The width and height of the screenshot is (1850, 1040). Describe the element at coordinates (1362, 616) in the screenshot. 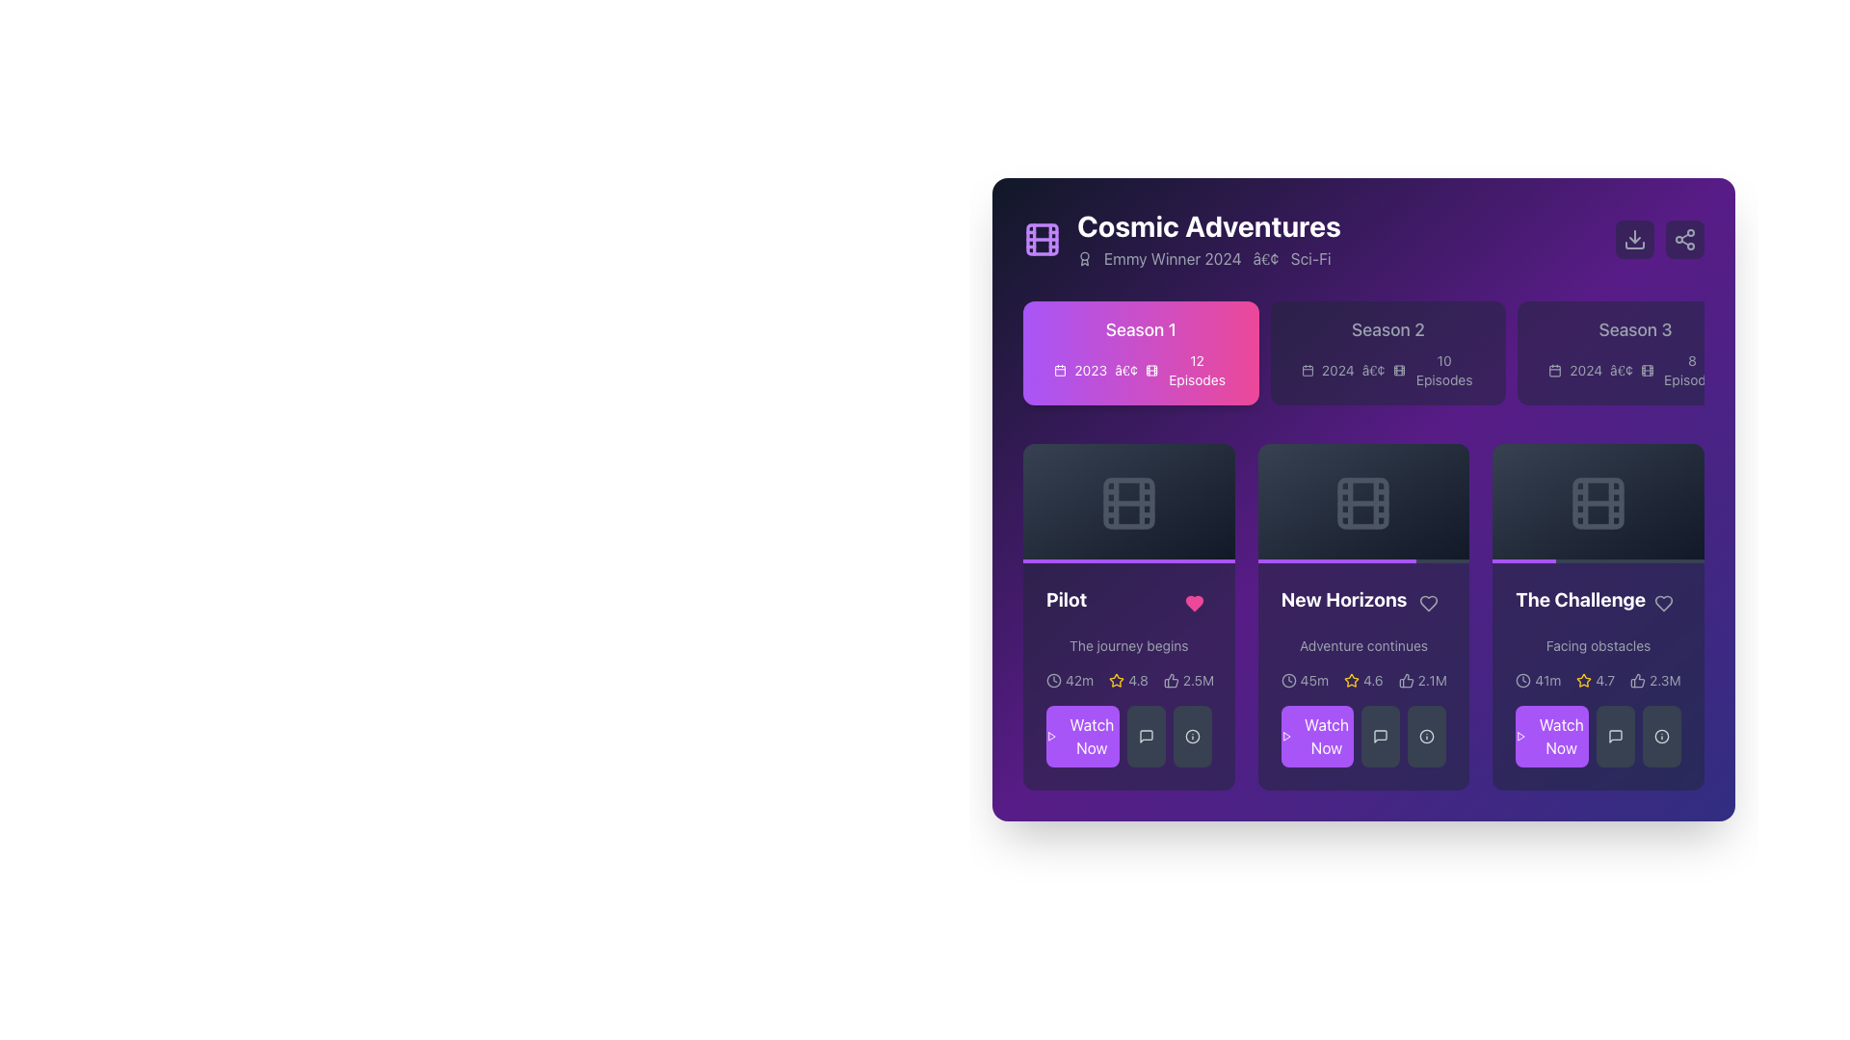

I see `the 'New Horizons' card component, which features a title in bold white text and a description in gray text, to see more details` at that location.